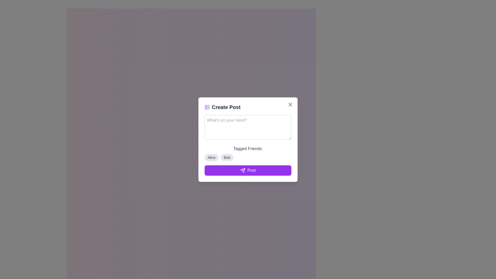 The height and width of the screenshot is (279, 496). What do you see at coordinates (243, 170) in the screenshot?
I see `the 'Post' button icon, which is an SVG graphic located at the bottom of the 'Create Post' modal` at bounding box center [243, 170].